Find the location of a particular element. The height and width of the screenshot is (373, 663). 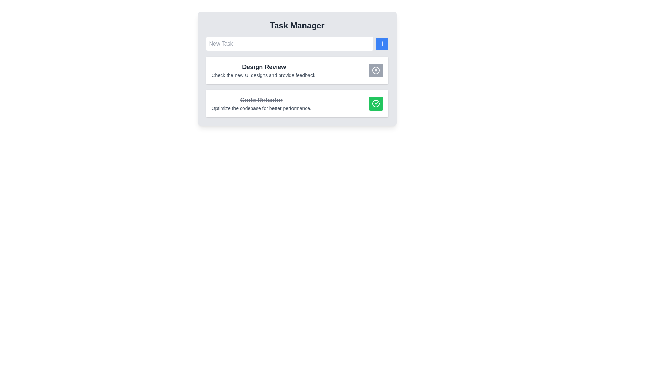

the interactive control button located in the top-right corner of the 'Design Review' task card is located at coordinates (375, 70).